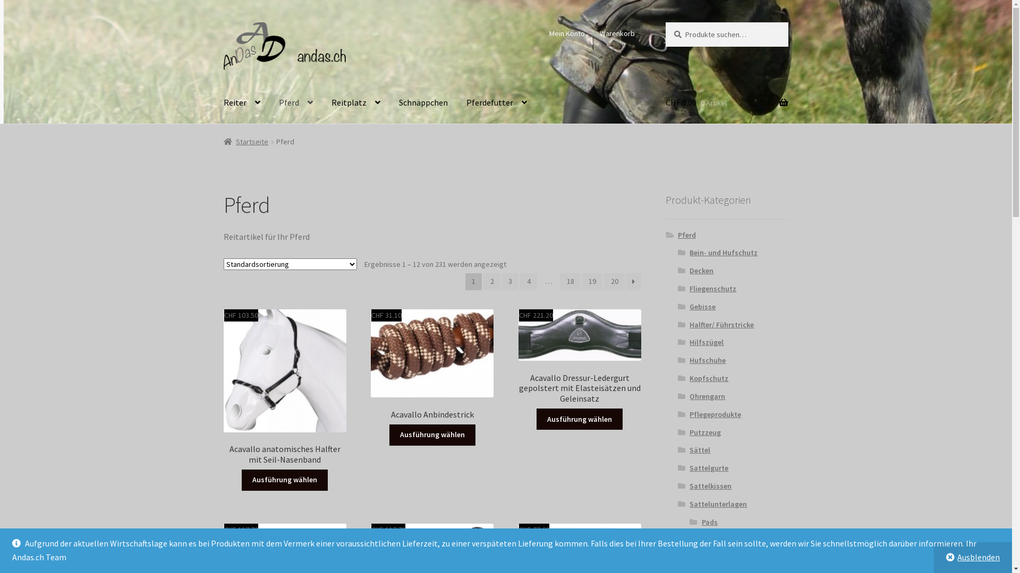 The width and height of the screenshot is (1020, 573). I want to click on 'Hufschuhe', so click(707, 359).